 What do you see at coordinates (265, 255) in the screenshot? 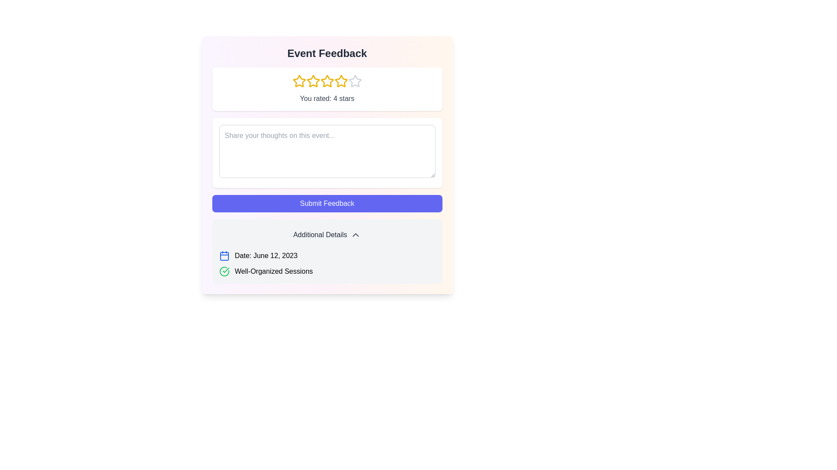
I see `the text label displaying the date of an event, positioned within the 'Additional Details' section, located to the right of the blue calendar icon` at bounding box center [265, 255].